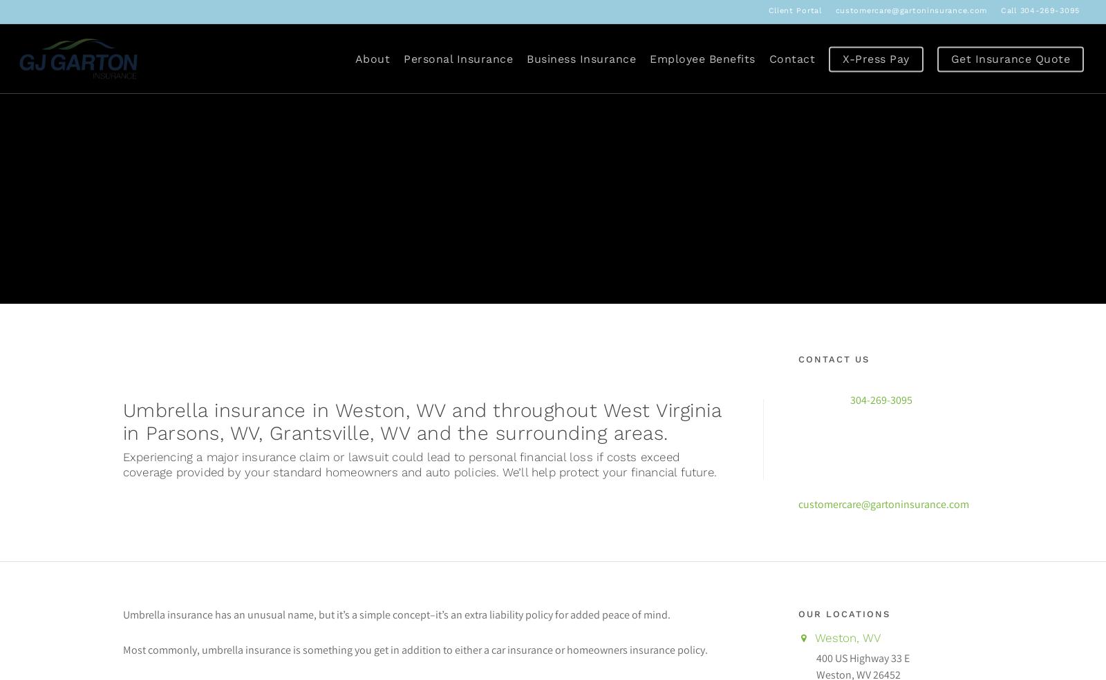 Image resolution: width=1106 pixels, height=680 pixels. What do you see at coordinates (403, 57) in the screenshot?
I see `'Personal Insurance'` at bounding box center [403, 57].